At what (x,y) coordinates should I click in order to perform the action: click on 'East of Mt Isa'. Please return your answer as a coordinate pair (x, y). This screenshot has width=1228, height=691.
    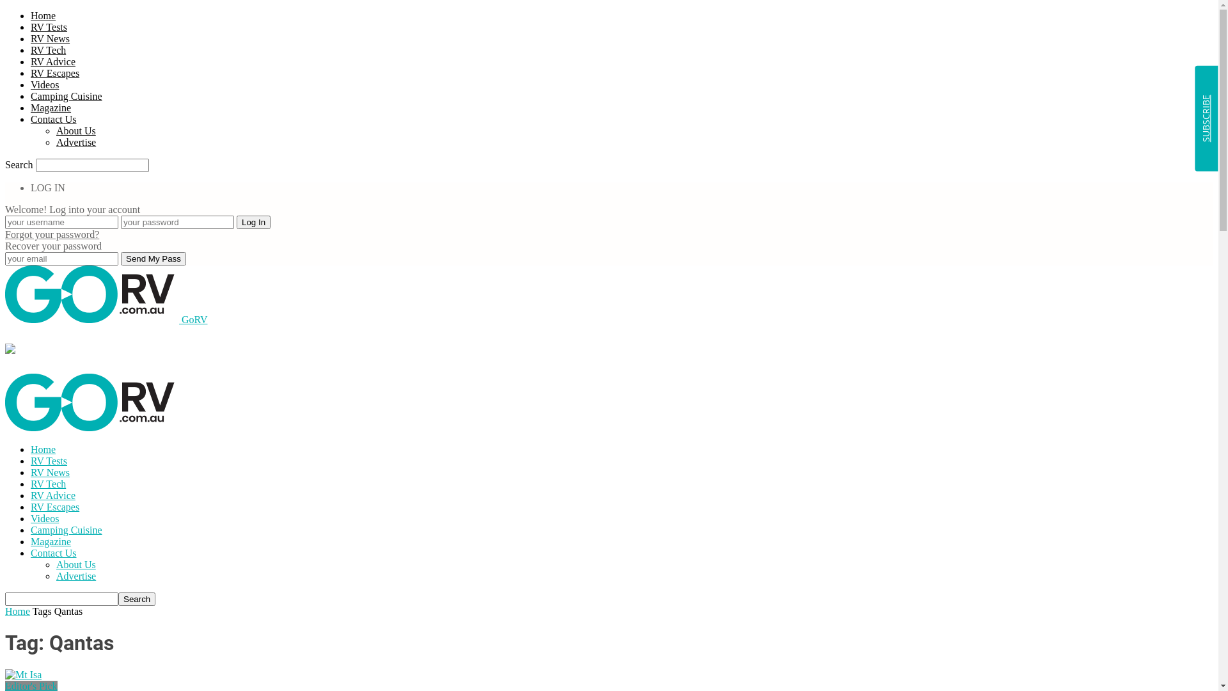
    Looking at the image, I should click on (5, 674).